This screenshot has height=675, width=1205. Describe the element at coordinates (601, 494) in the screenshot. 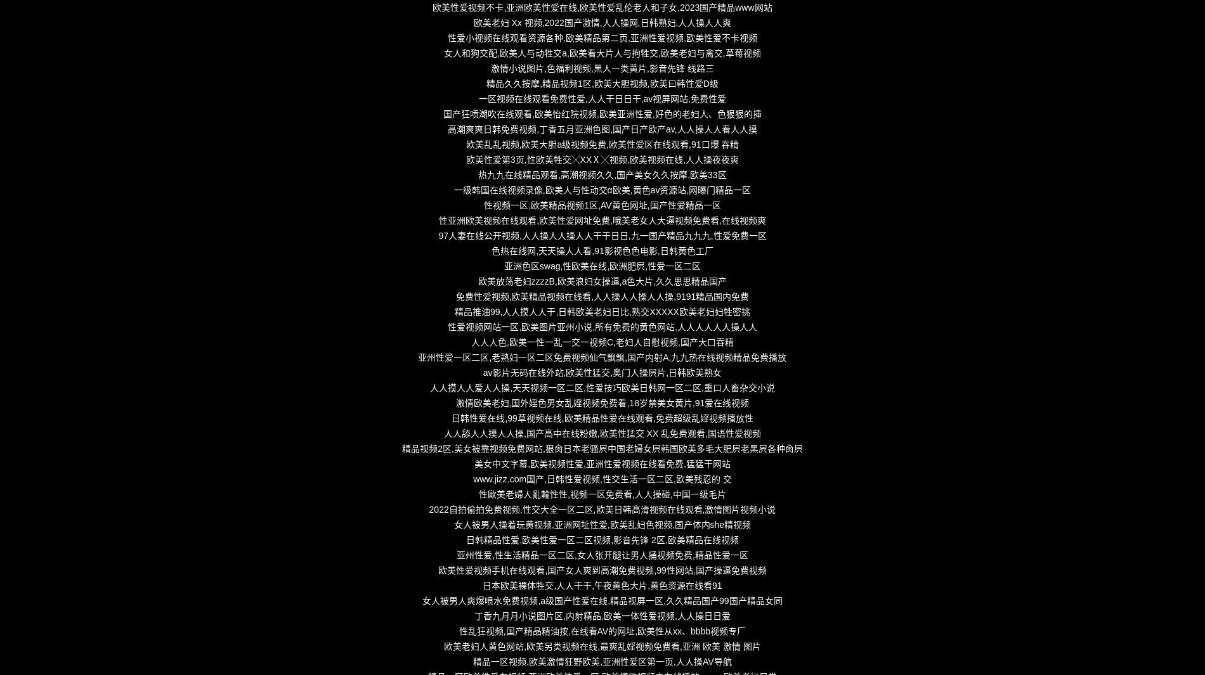

I see `'性歐美老婦人亂輪性性,视频一区免费看,人人操碰,中国一级毛片'` at that location.